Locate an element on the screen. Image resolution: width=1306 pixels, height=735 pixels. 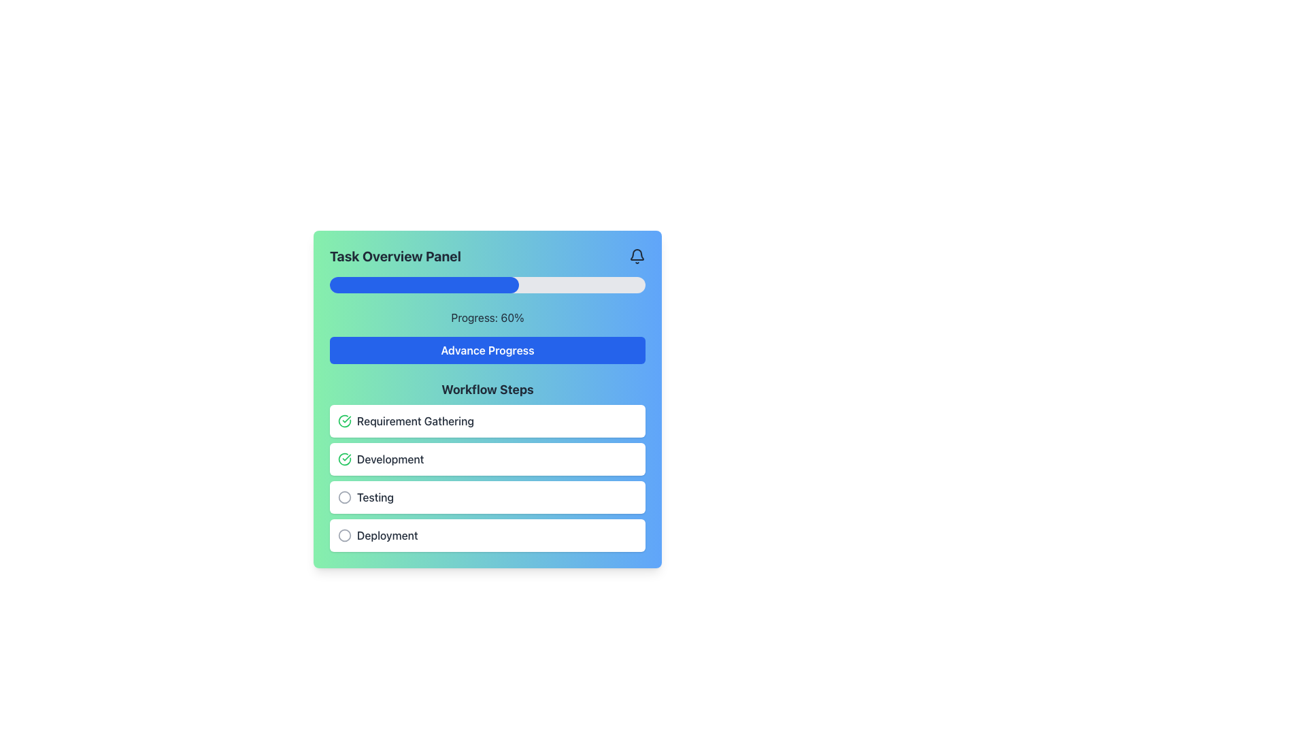
the SVG-based graphical icon representing the 'Deployment' step in the workflow, located in the right section of the 'Workflow Steps' panel is located at coordinates (345, 534).